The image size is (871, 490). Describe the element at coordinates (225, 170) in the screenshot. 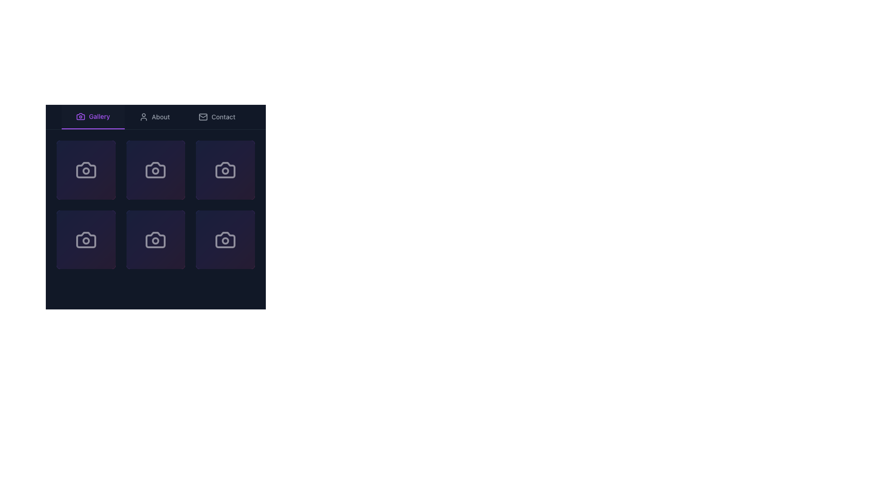

I see `the camera icon depicted in thin-line vector art style located in the second row, second column of the gallery grid` at that location.